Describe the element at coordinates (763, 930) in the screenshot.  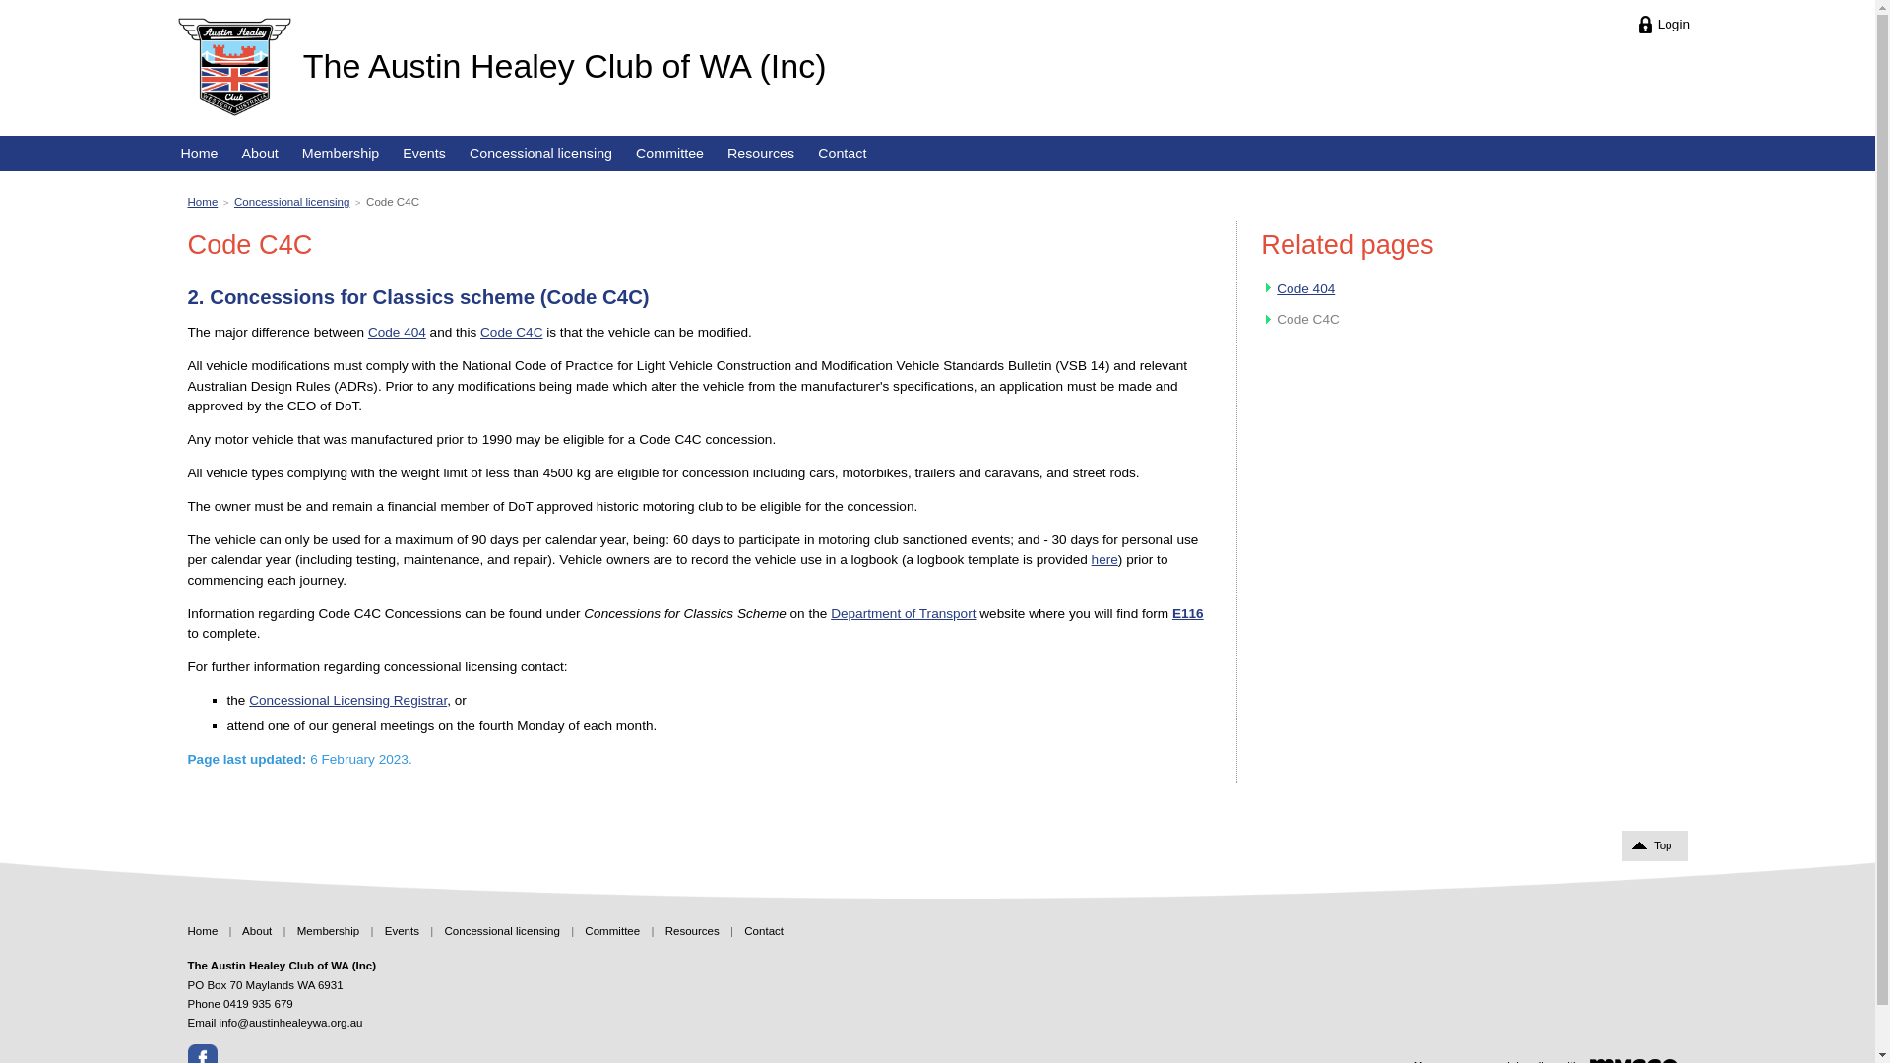
I see `'Contact'` at that location.